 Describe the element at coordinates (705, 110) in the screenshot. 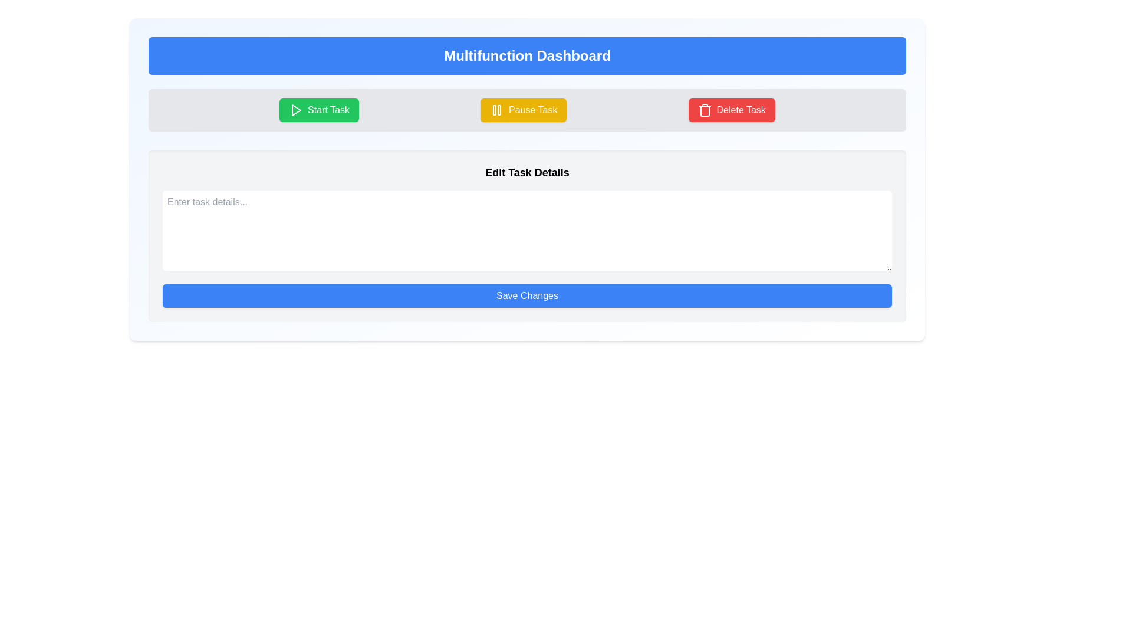

I see `the delete task icon` at that location.